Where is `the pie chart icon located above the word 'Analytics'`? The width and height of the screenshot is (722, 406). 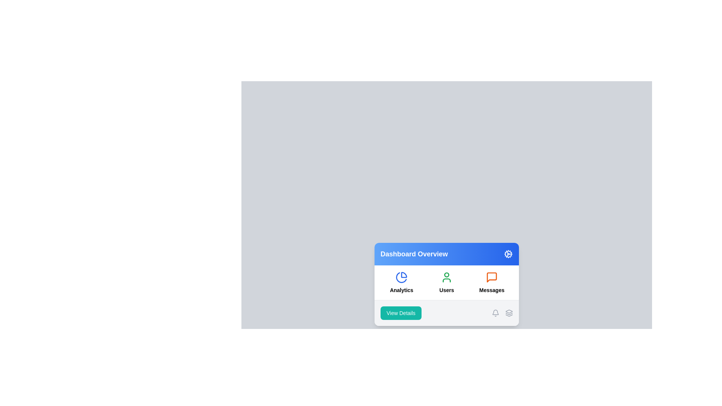
the pie chart icon located above the word 'Analytics' is located at coordinates (401, 277).